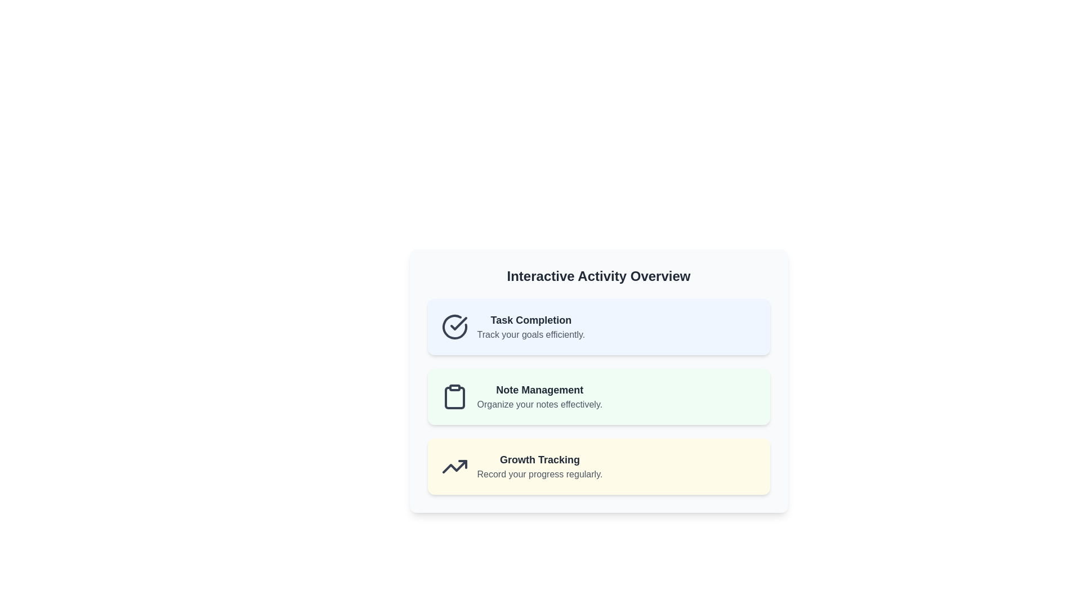 This screenshot has width=1081, height=608. What do you see at coordinates (454, 396) in the screenshot?
I see `the note management icon, which is the leftmost item in the 'Note Management' section, adjacent to the text 'Note Management' and 'Organize your notes effectively.'` at bounding box center [454, 396].